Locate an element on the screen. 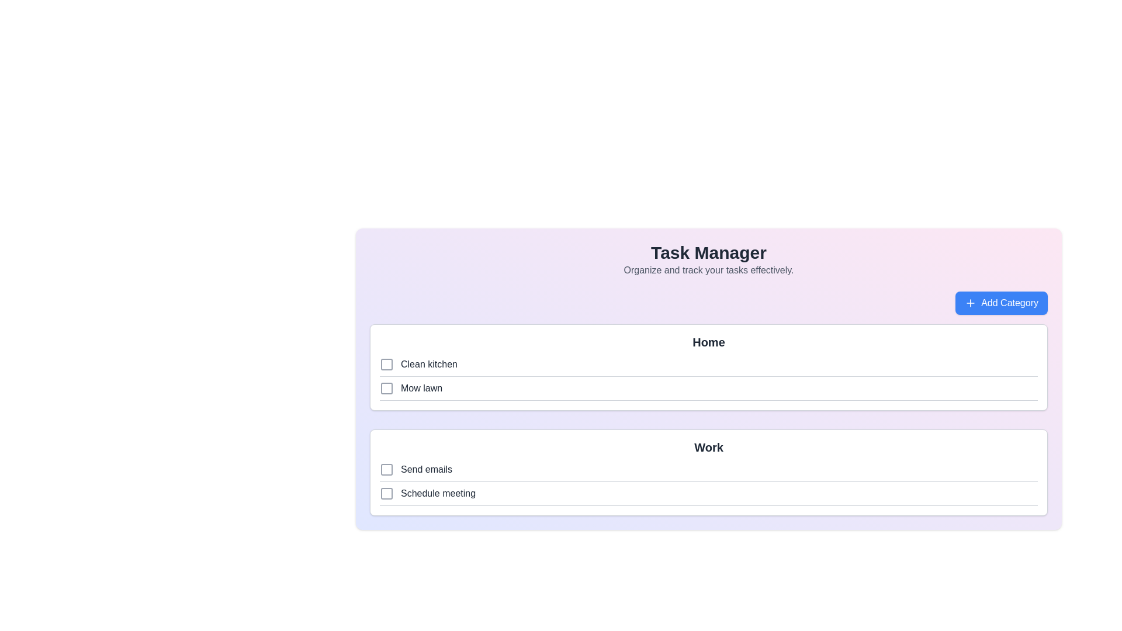 This screenshot has height=631, width=1122. the checkbox next to the task 'Clean kitchen' is located at coordinates (387, 364).